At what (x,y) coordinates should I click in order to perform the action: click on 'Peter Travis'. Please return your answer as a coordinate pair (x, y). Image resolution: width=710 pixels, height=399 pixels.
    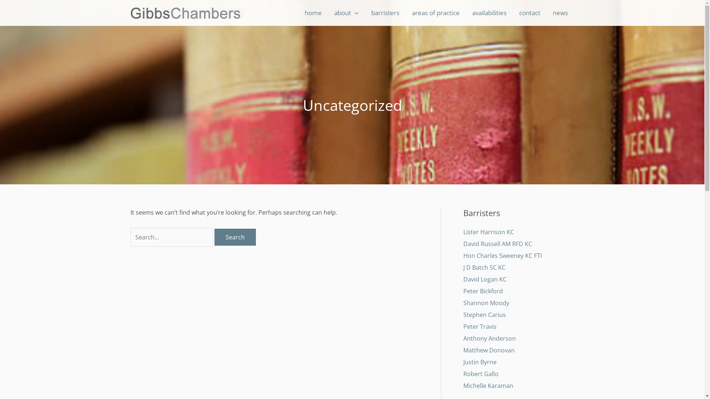
    Looking at the image, I should click on (479, 326).